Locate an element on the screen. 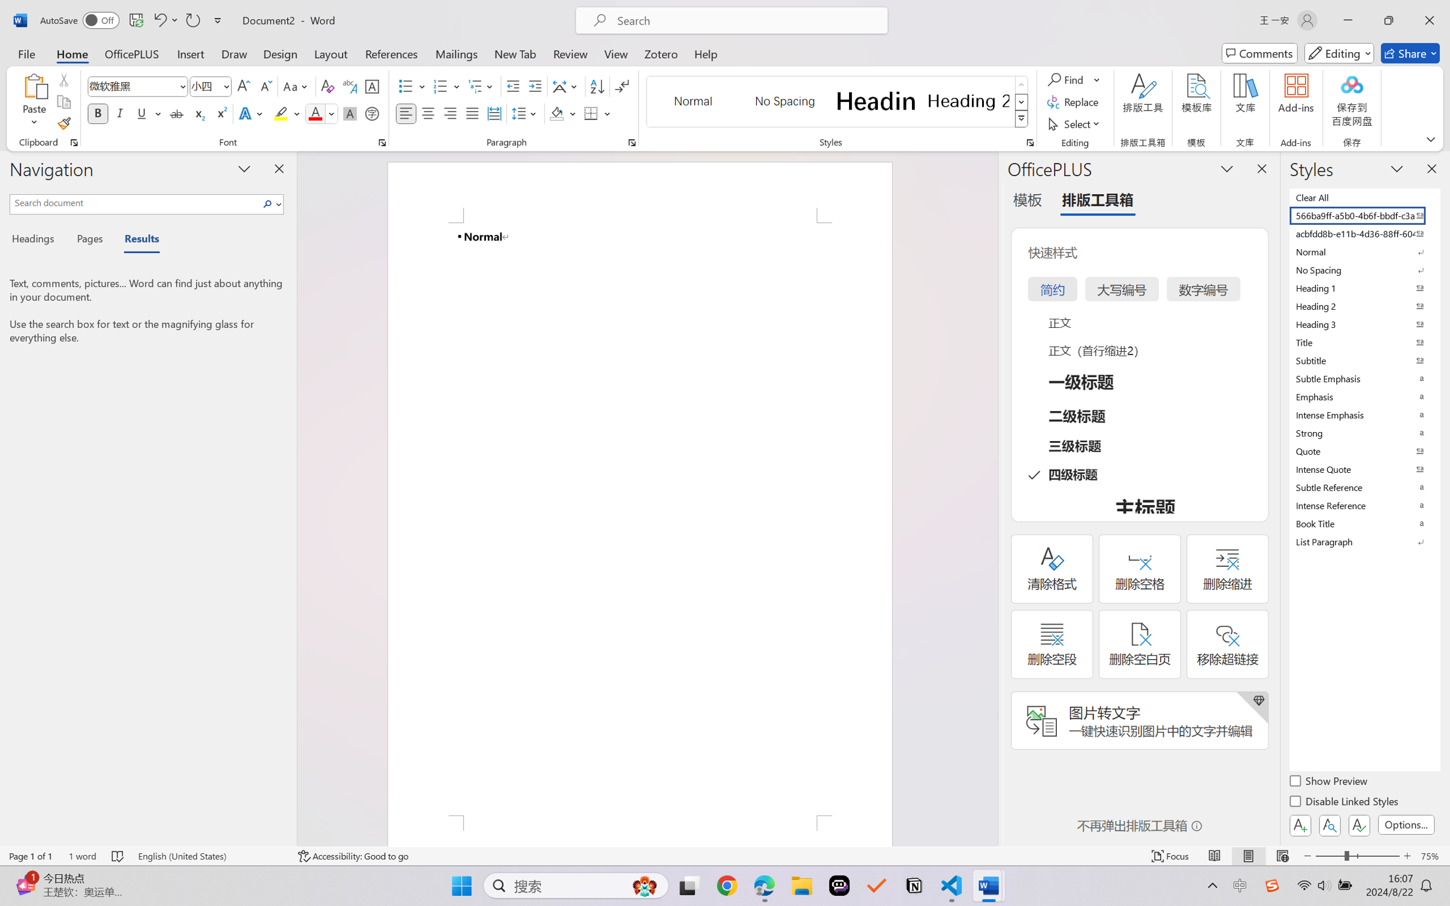 The width and height of the screenshot is (1450, 906). 'Shrink Font' is located at coordinates (264, 86).